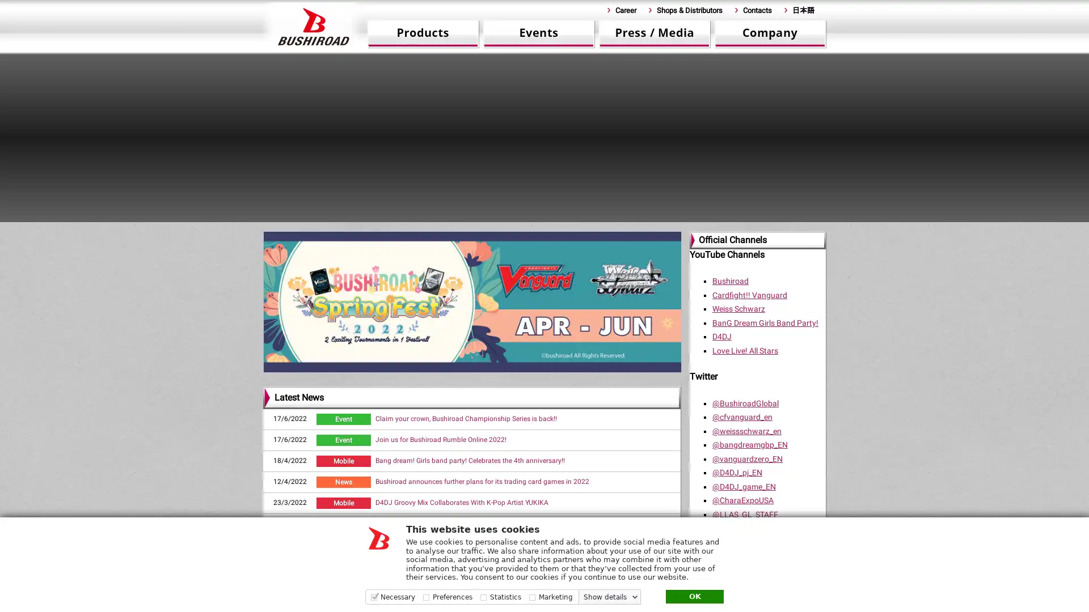 The image size is (1089, 612). I want to click on 1, so click(416, 218).